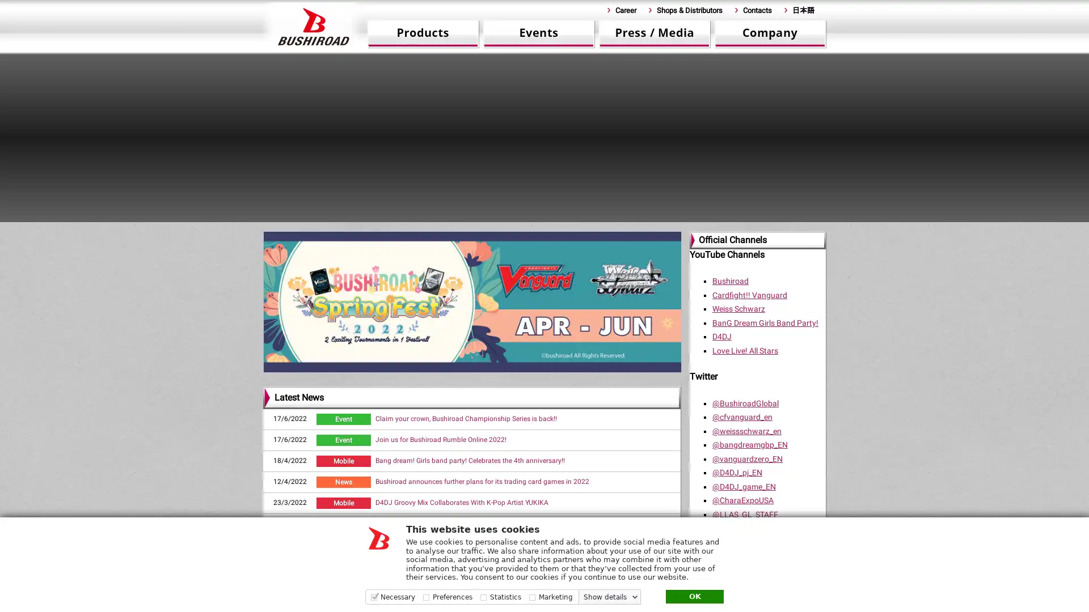 The image size is (1089, 612). I want to click on 1, so click(416, 218).